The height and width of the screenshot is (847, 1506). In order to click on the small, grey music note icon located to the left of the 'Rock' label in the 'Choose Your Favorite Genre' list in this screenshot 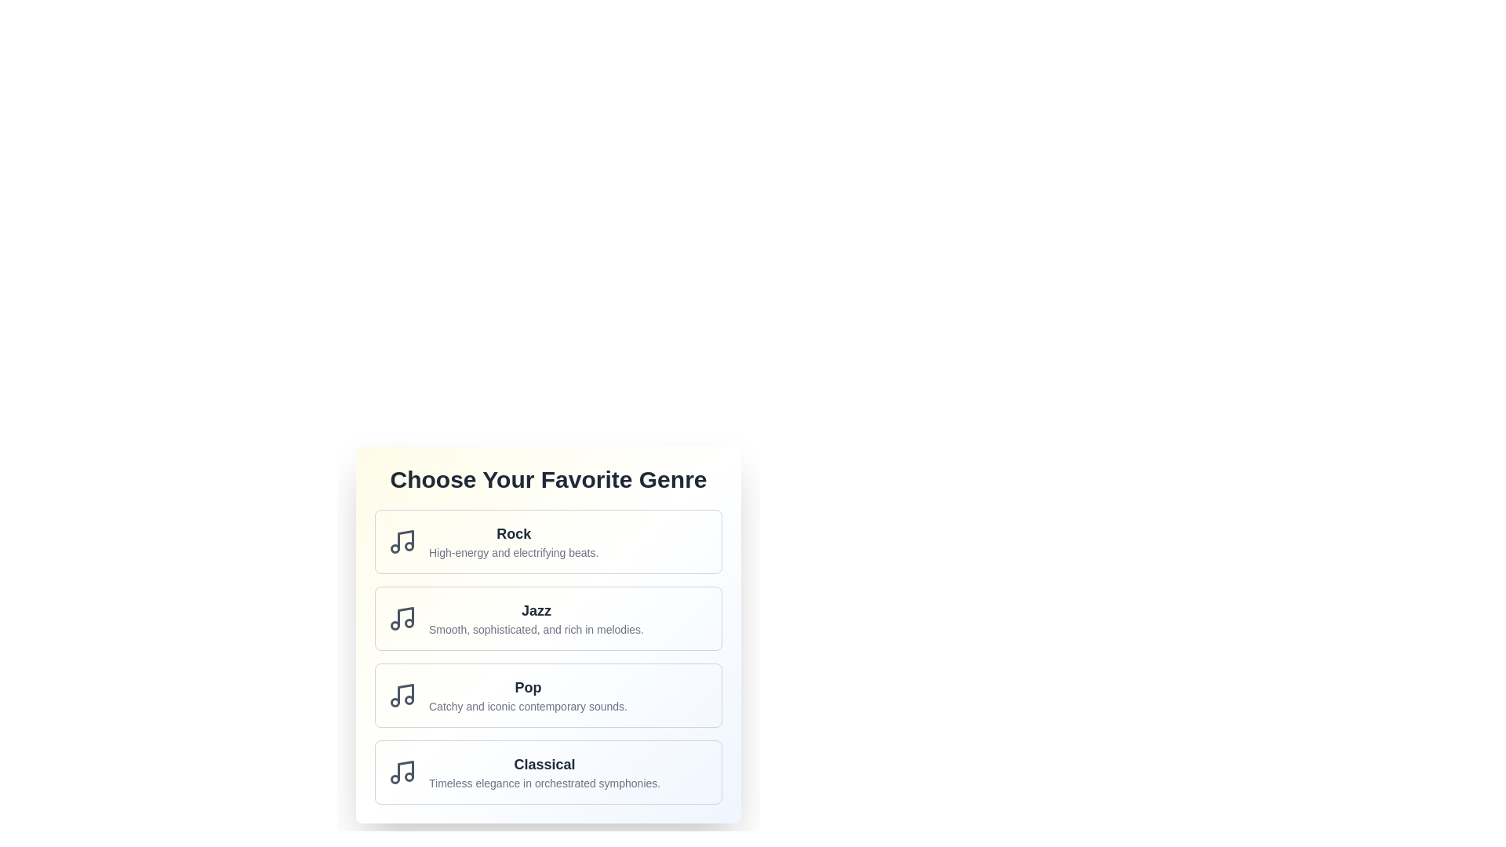, I will do `click(402, 540)`.